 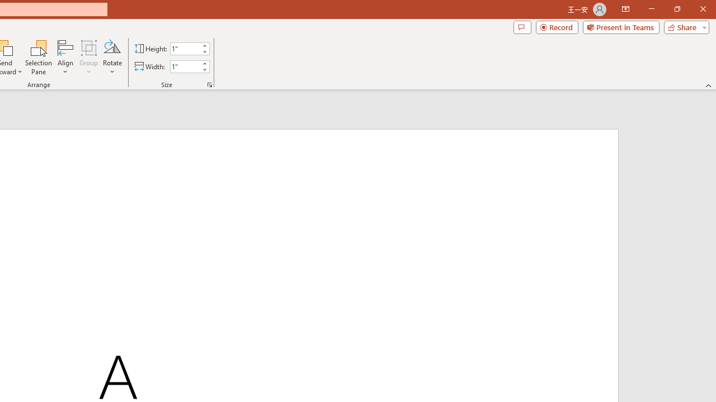 I want to click on 'Align', so click(x=65, y=58).